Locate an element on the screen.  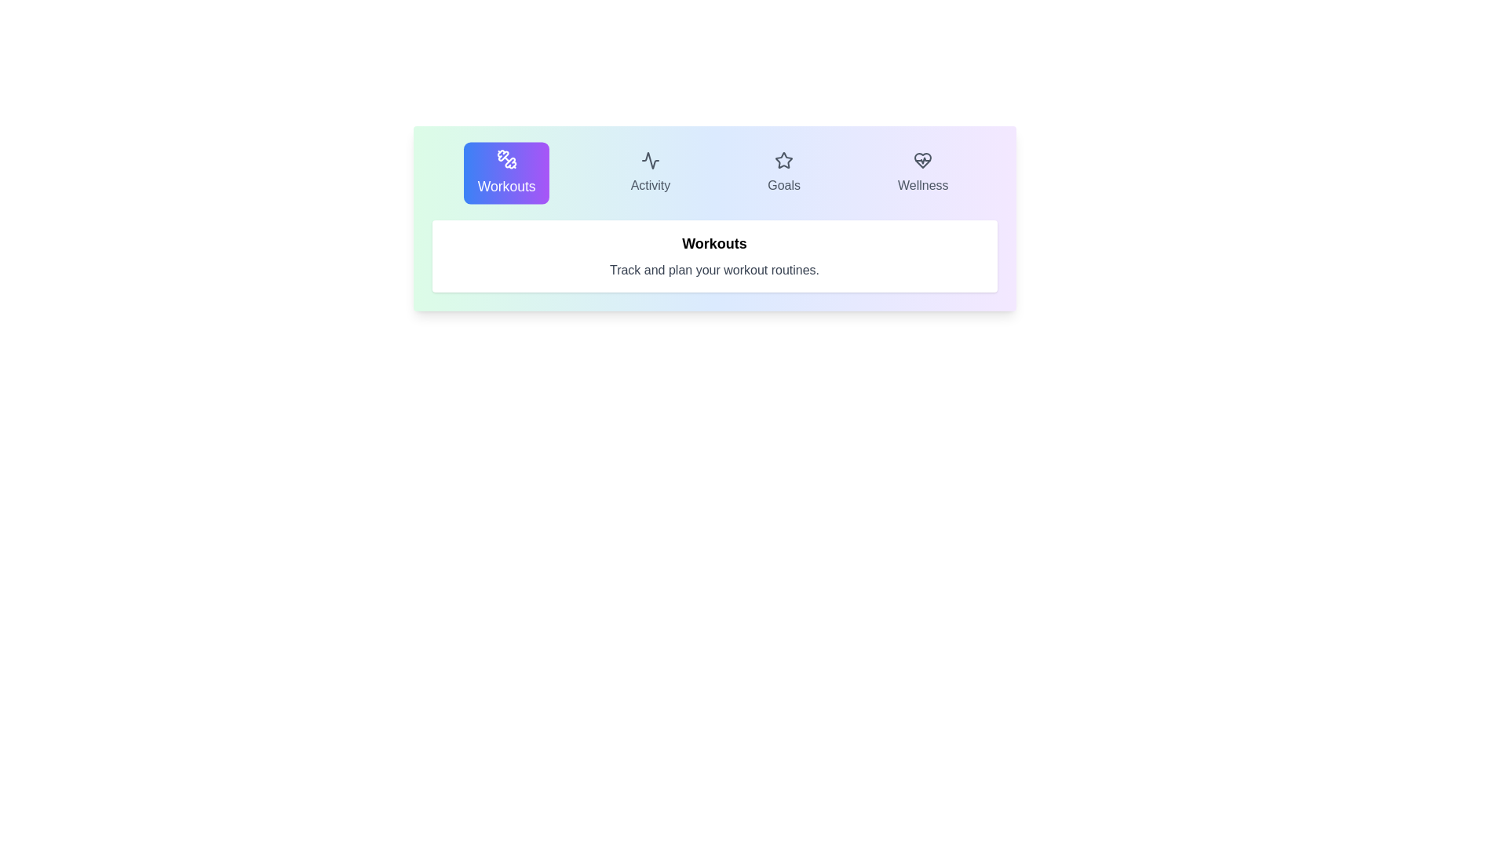
the Navigation button labeled 'Activity' is located at coordinates (651, 173).